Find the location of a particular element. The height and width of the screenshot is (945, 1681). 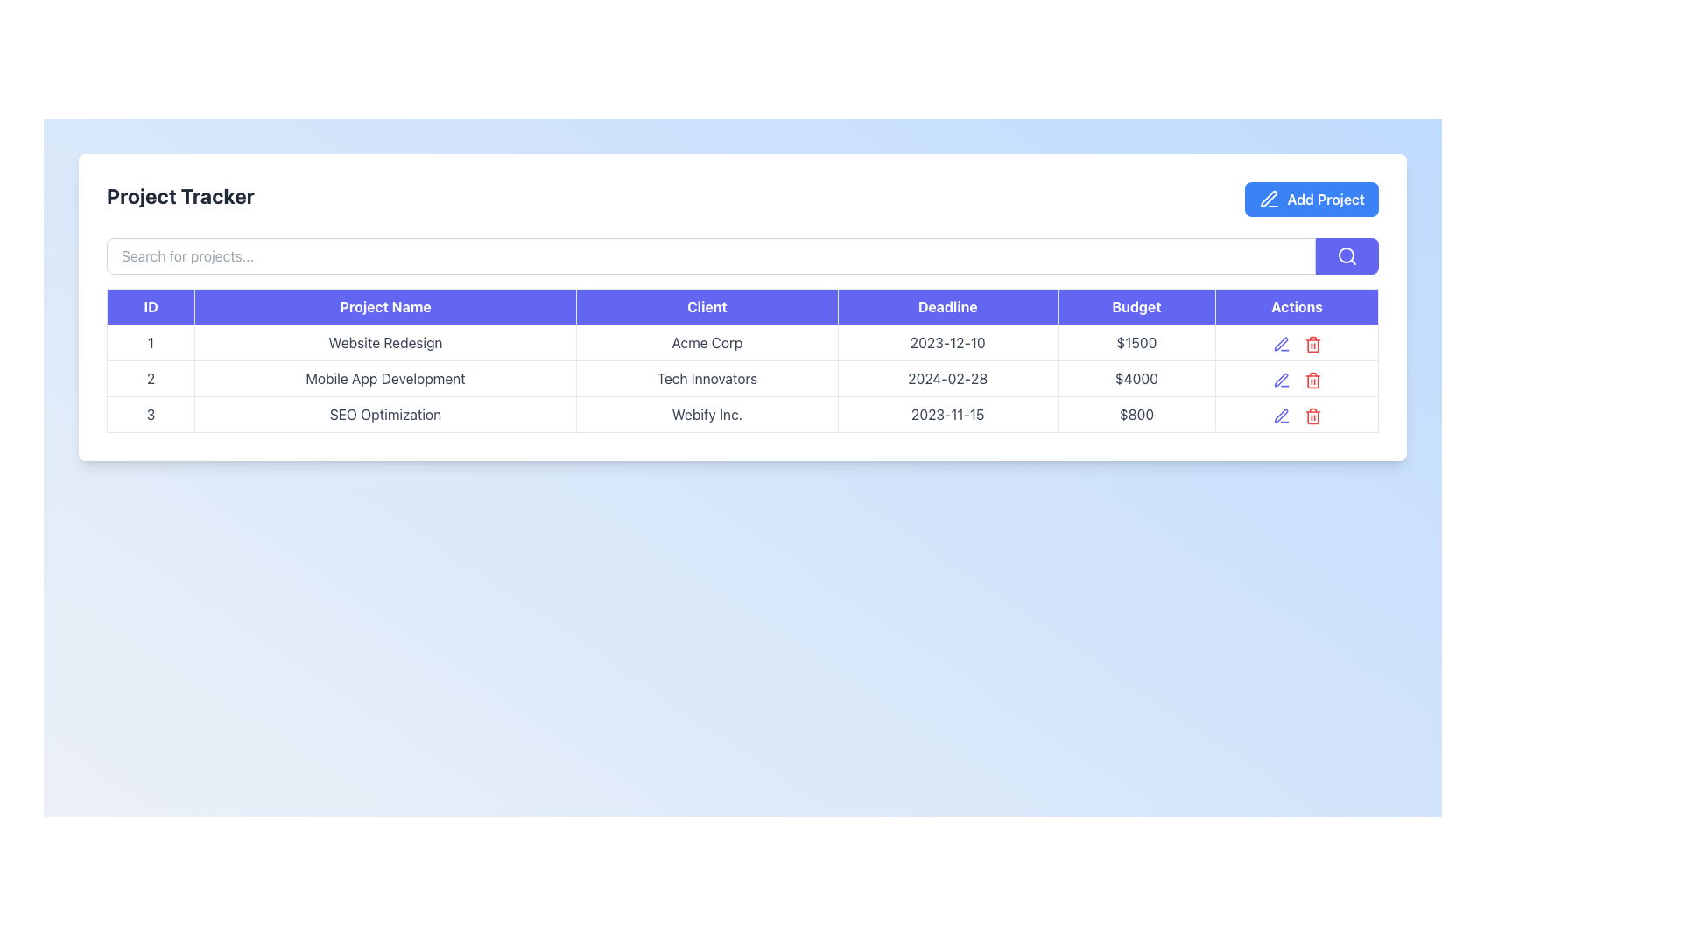

the budget value cell for the project 'SEO Optimization' located in the last row of the table under the 'Budget' column is located at coordinates (1136, 415).